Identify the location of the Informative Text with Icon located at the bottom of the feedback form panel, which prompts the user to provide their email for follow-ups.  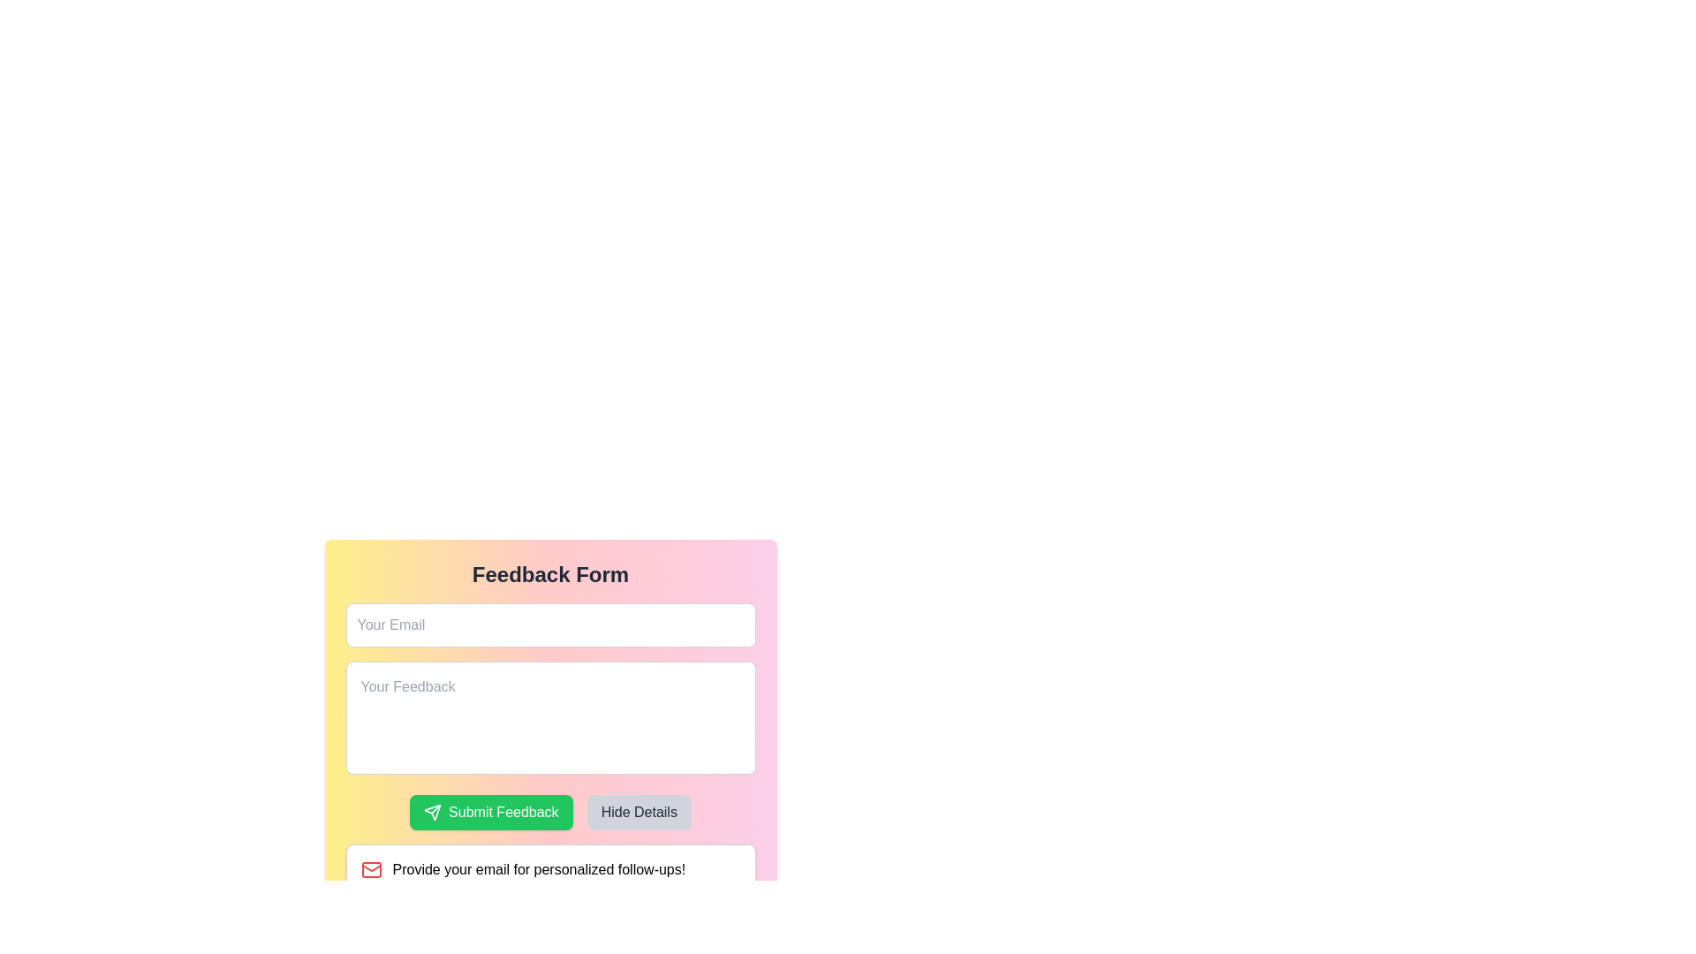
(549, 868).